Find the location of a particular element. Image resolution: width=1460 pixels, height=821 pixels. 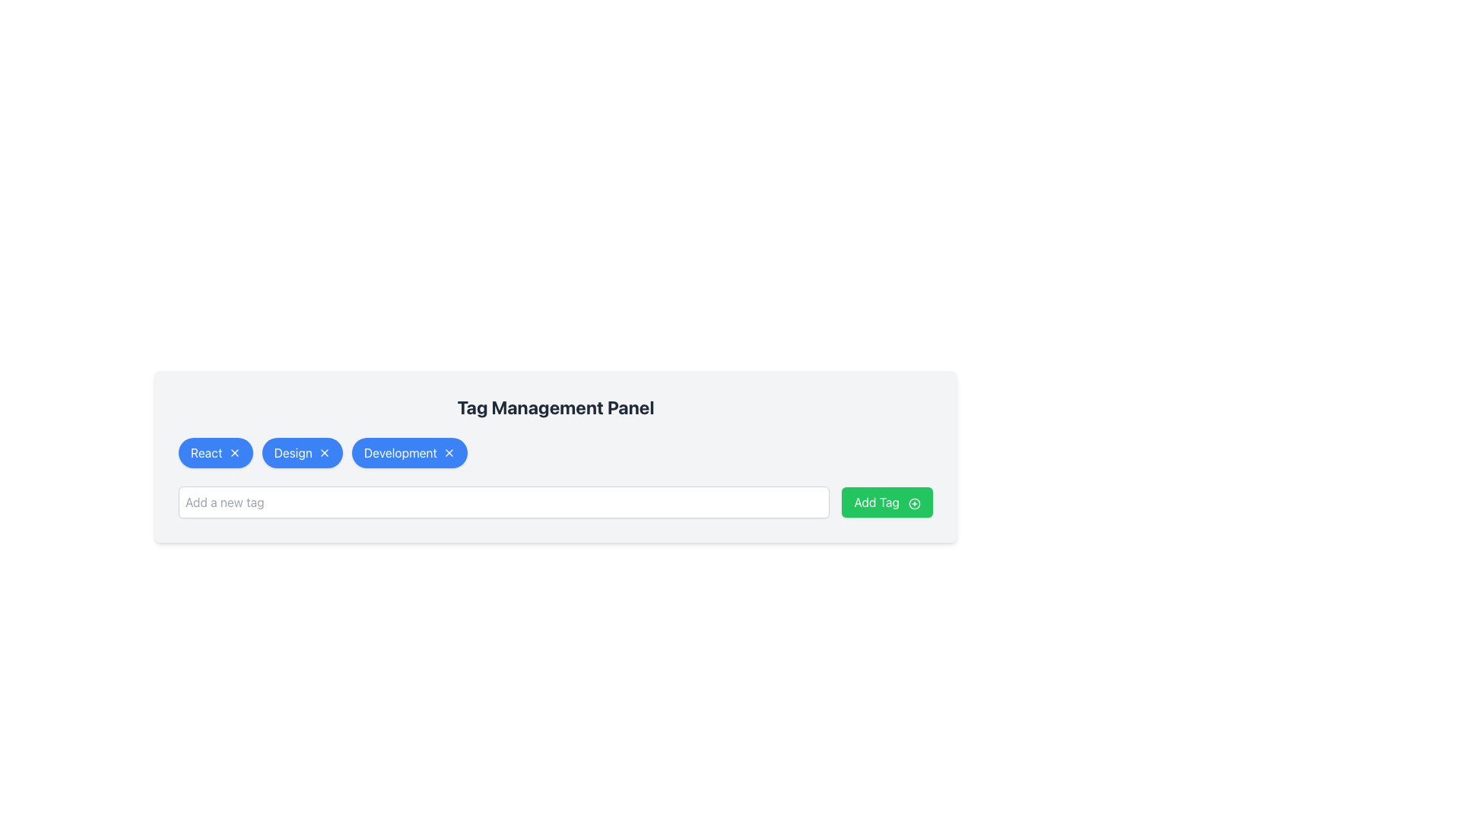

the close button located at the rightmost side of the 'Development' tag is located at coordinates (448, 452).